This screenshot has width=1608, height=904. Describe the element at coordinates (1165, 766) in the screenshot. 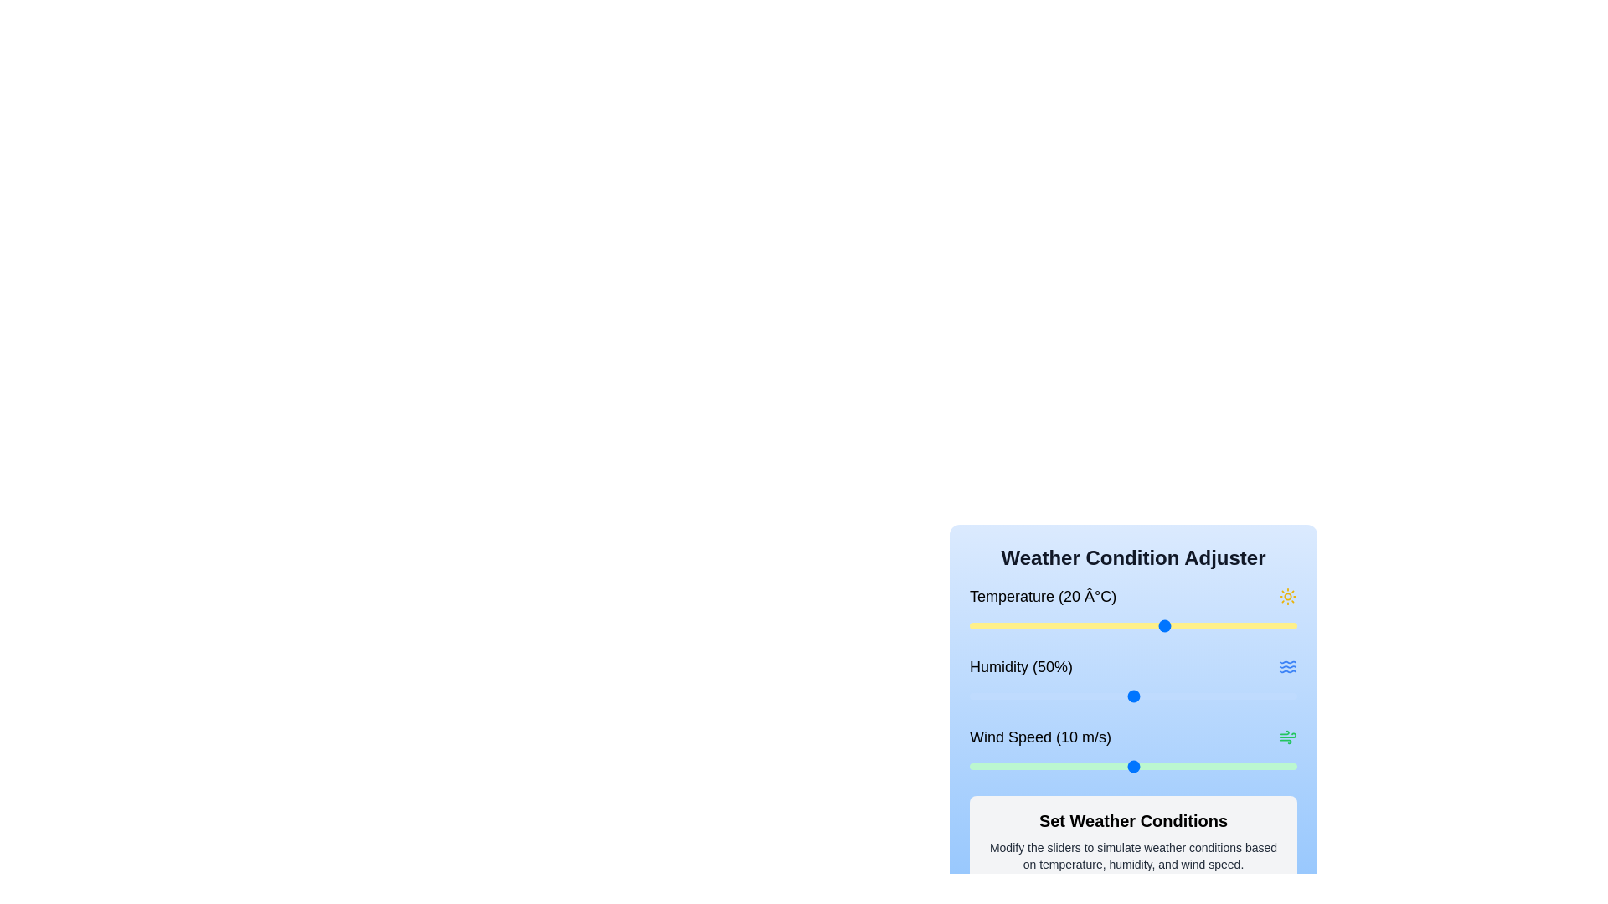

I see `the wind speed slider to set the wind speed to 12 m/s` at that location.